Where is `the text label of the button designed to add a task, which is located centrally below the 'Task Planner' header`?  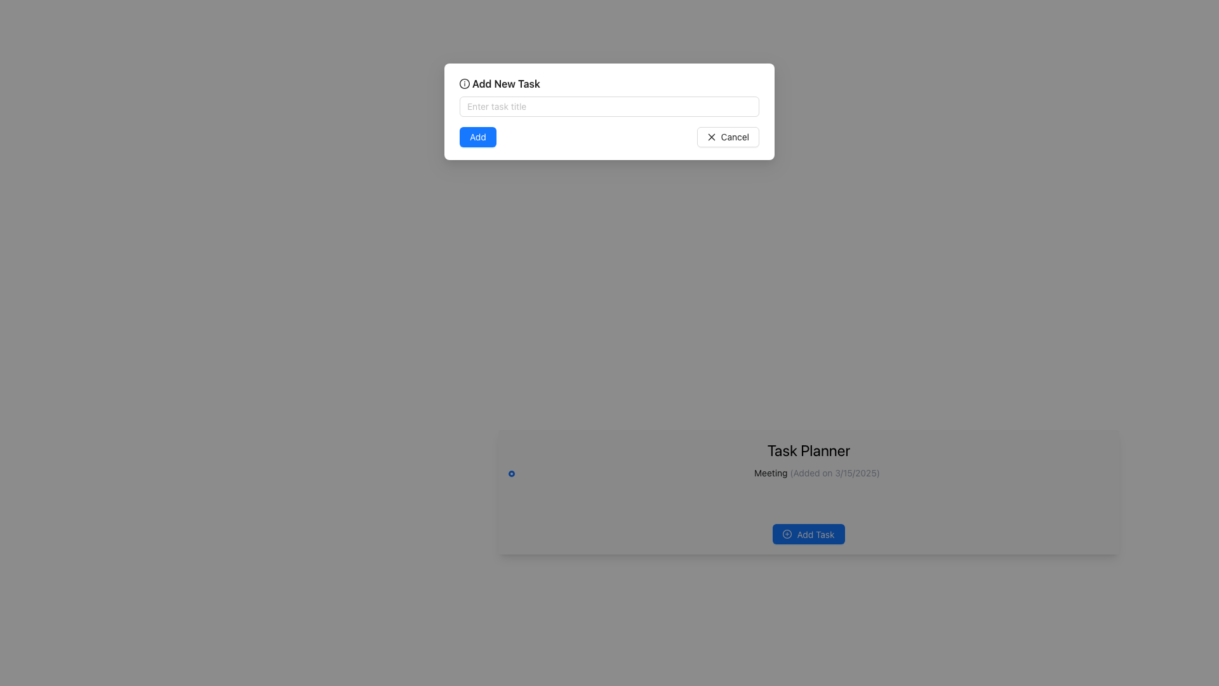 the text label of the button designed to add a task, which is located centrally below the 'Task Planner' header is located at coordinates (816, 534).